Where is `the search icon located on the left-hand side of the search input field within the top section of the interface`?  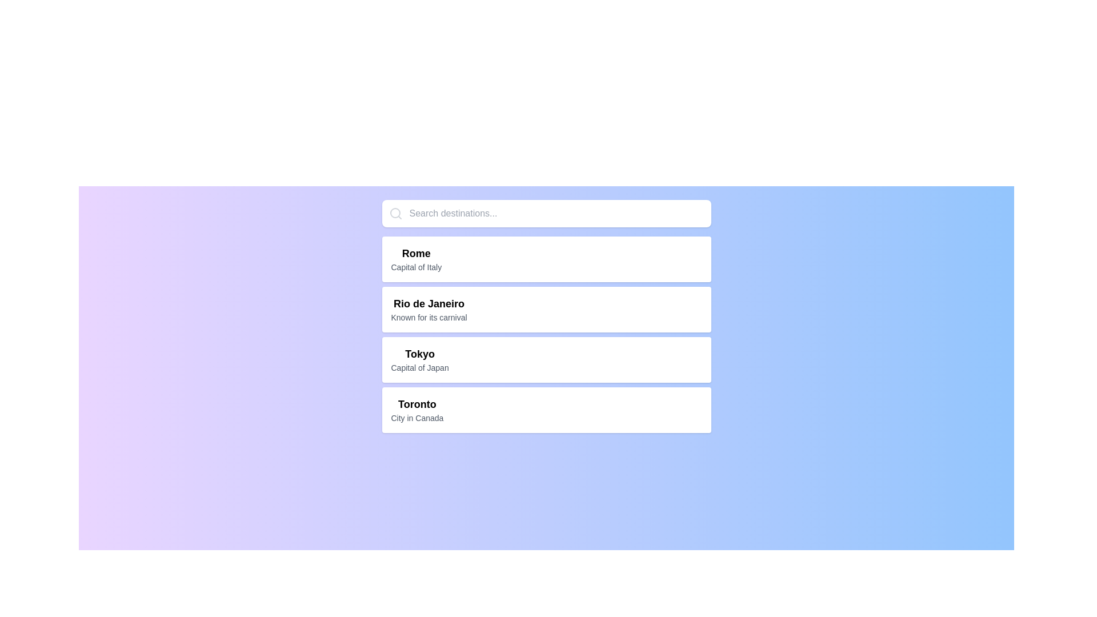 the search icon located on the left-hand side of the search input field within the top section of the interface is located at coordinates (395, 214).